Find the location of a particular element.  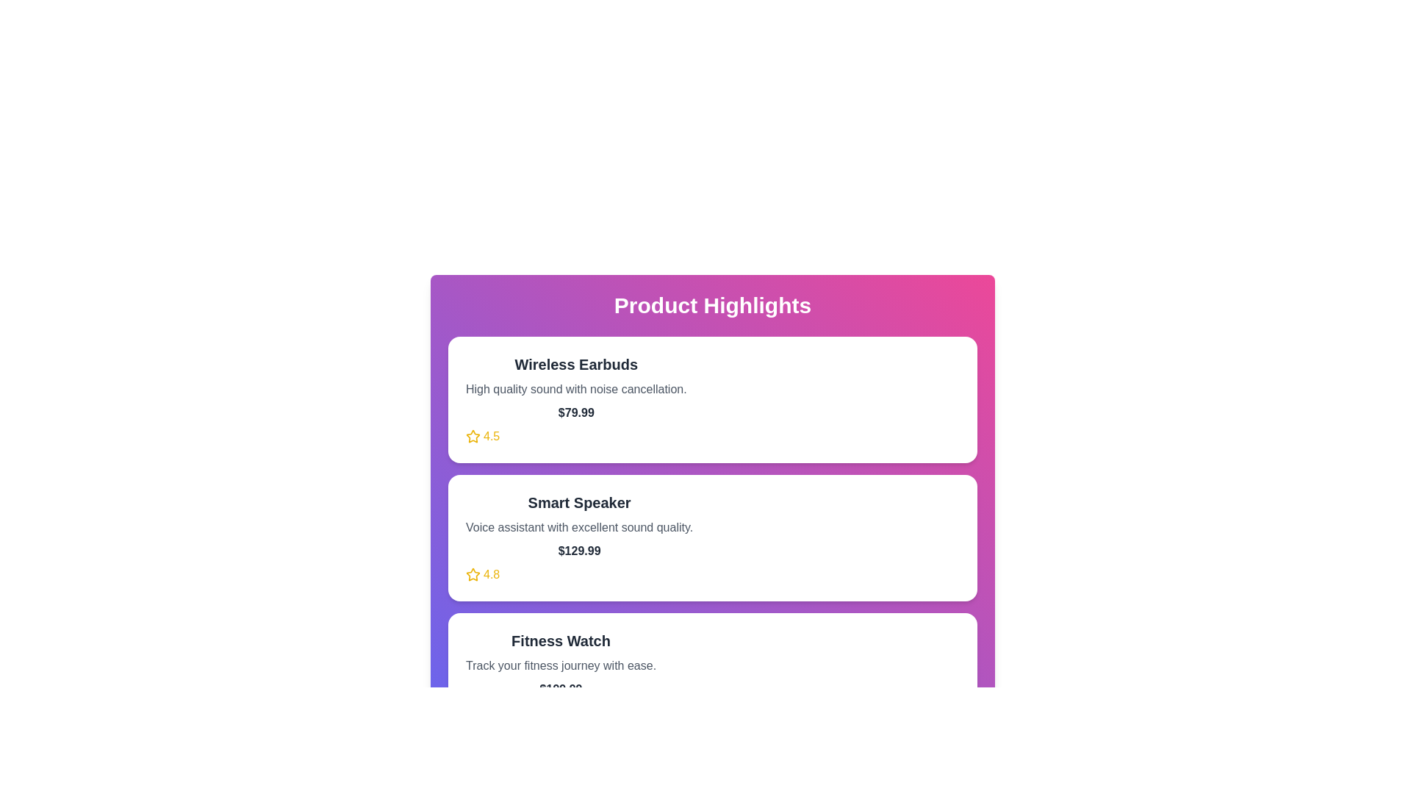

the rating elements for each product to visually examine the ratings is located at coordinates (473, 436).